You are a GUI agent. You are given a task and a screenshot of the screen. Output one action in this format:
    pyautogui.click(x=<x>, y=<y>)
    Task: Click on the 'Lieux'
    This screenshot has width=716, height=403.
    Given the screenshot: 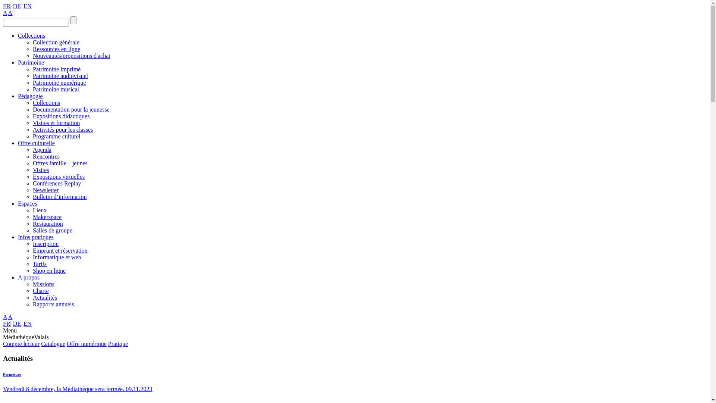 What is the action you would take?
    pyautogui.click(x=32, y=210)
    